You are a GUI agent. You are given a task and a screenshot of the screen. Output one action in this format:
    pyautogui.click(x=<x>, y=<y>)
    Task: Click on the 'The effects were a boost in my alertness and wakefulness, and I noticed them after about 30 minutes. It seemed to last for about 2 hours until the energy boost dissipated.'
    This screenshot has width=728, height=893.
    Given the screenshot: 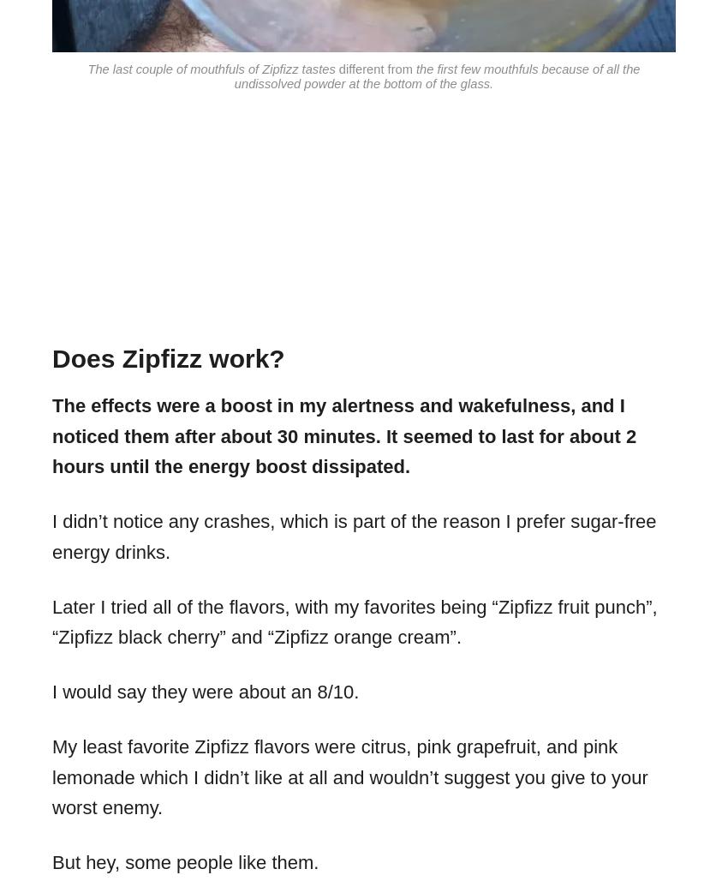 What is the action you would take?
    pyautogui.click(x=343, y=435)
    